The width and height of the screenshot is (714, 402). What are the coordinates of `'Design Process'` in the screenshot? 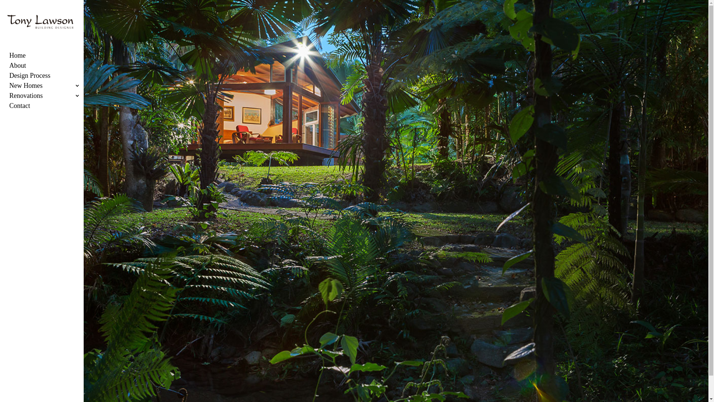 It's located at (49, 78).